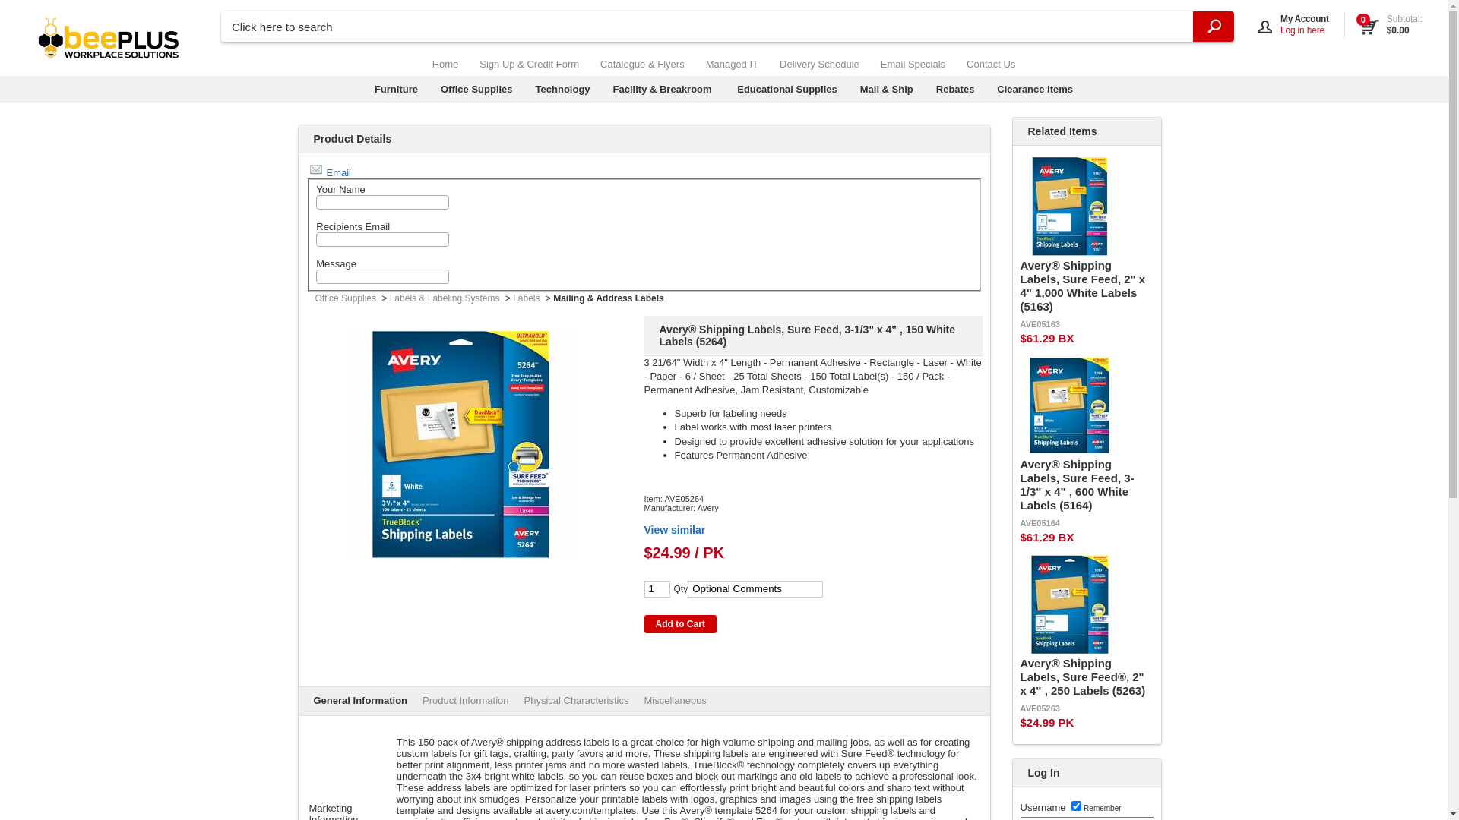 The width and height of the screenshot is (1459, 820). I want to click on 'Product Information', so click(464, 700).